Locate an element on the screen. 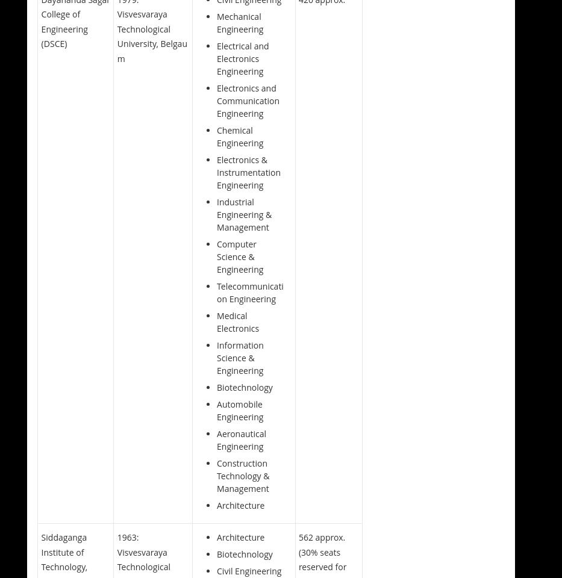 This screenshot has width=562, height=578. 'Computer Science & Engineering' is located at coordinates (240, 256).